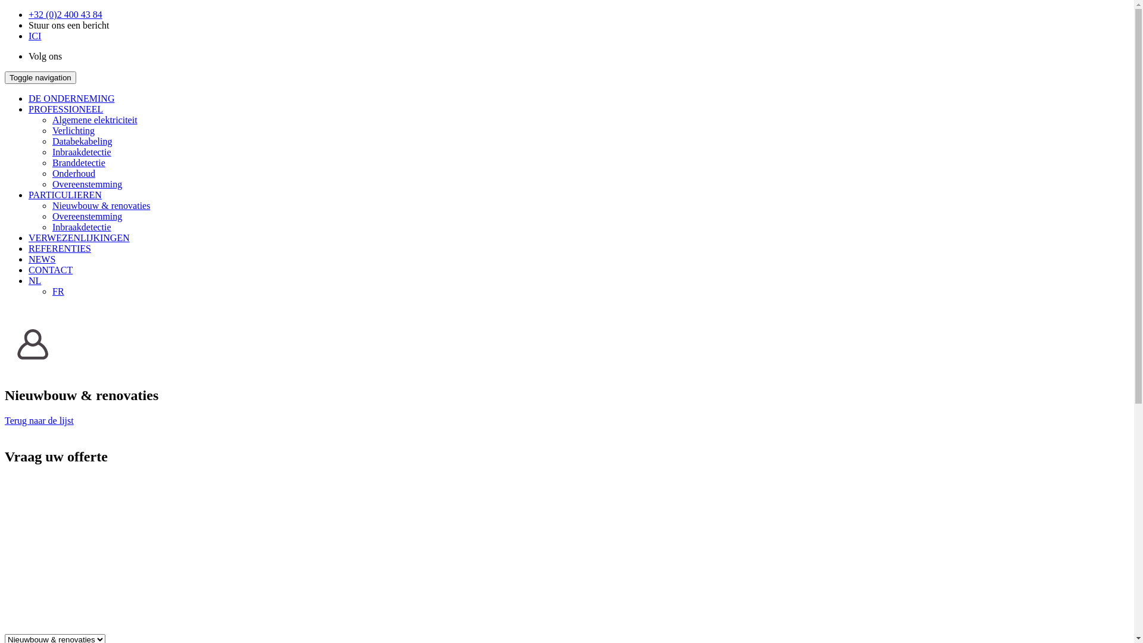  What do you see at coordinates (29, 109) in the screenshot?
I see `'PROFESSIONEEL'` at bounding box center [29, 109].